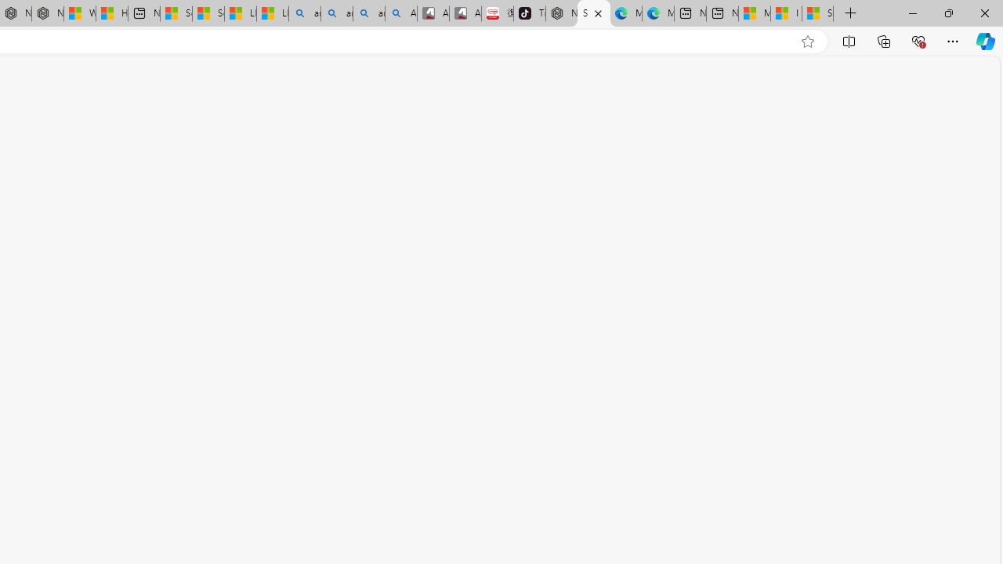  I want to click on 'Amazon Echo Robot - Search Images', so click(401, 13).